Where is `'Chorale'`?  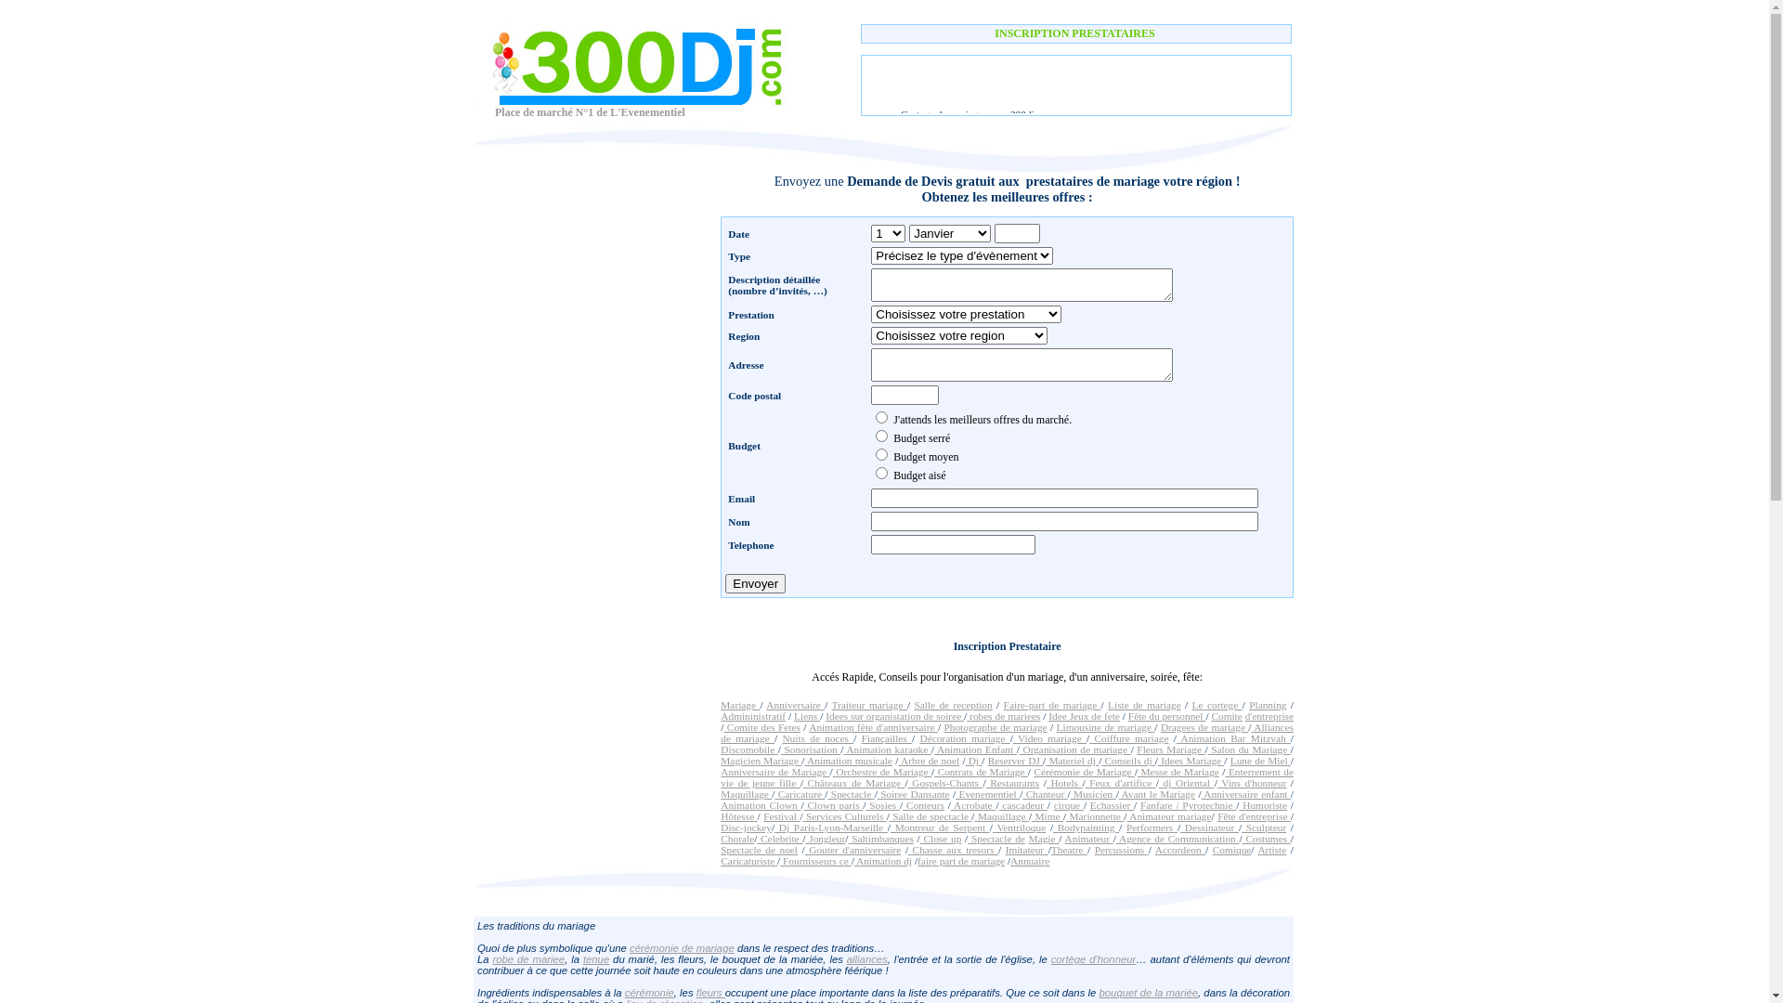
'Chorale' is located at coordinates (735, 838).